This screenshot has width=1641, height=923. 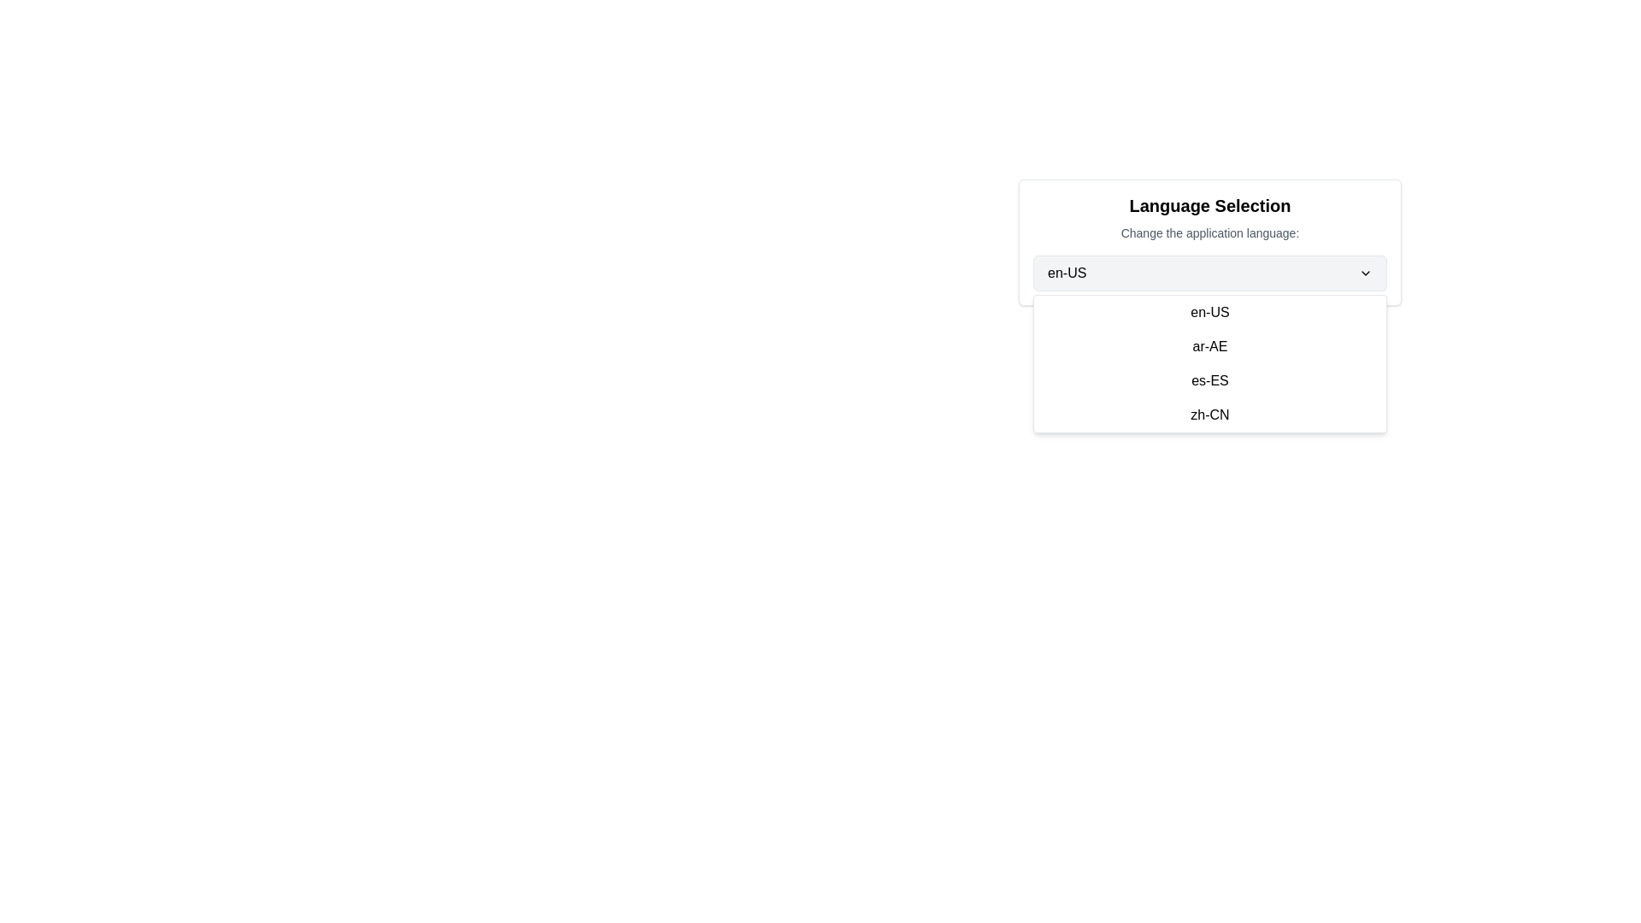 I want to click on the list item displaying 'zh-CN' in the dropdown menu, so click(x=1209, y=415).